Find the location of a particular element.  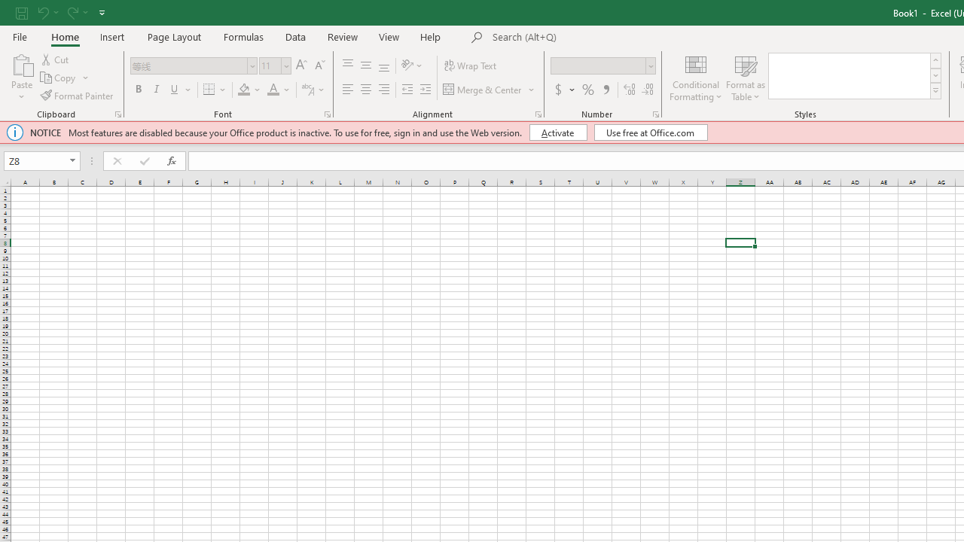

'Fill Color' is located at coordinates (244, 90).